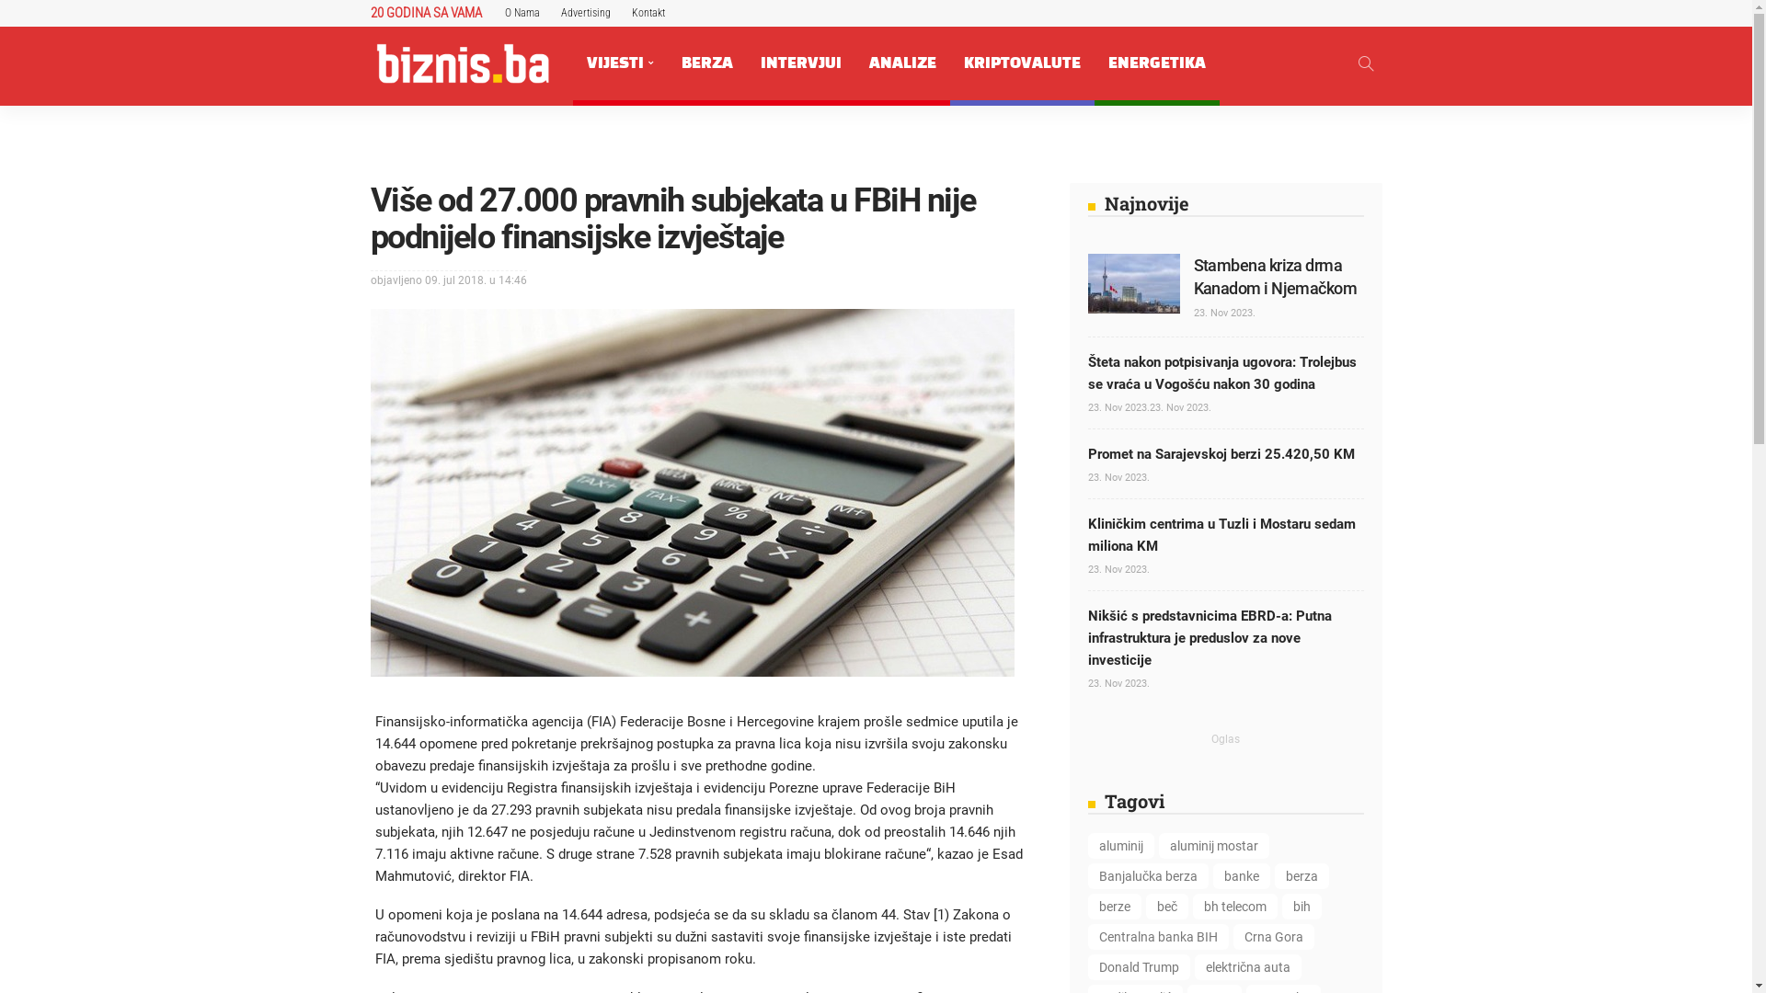 The width and height of the screenshot is (1766, 993). What do you see at coordinates (571, 63) in the screenshot?
I see `'VIJESTI'` at bounding box center [571, 63].